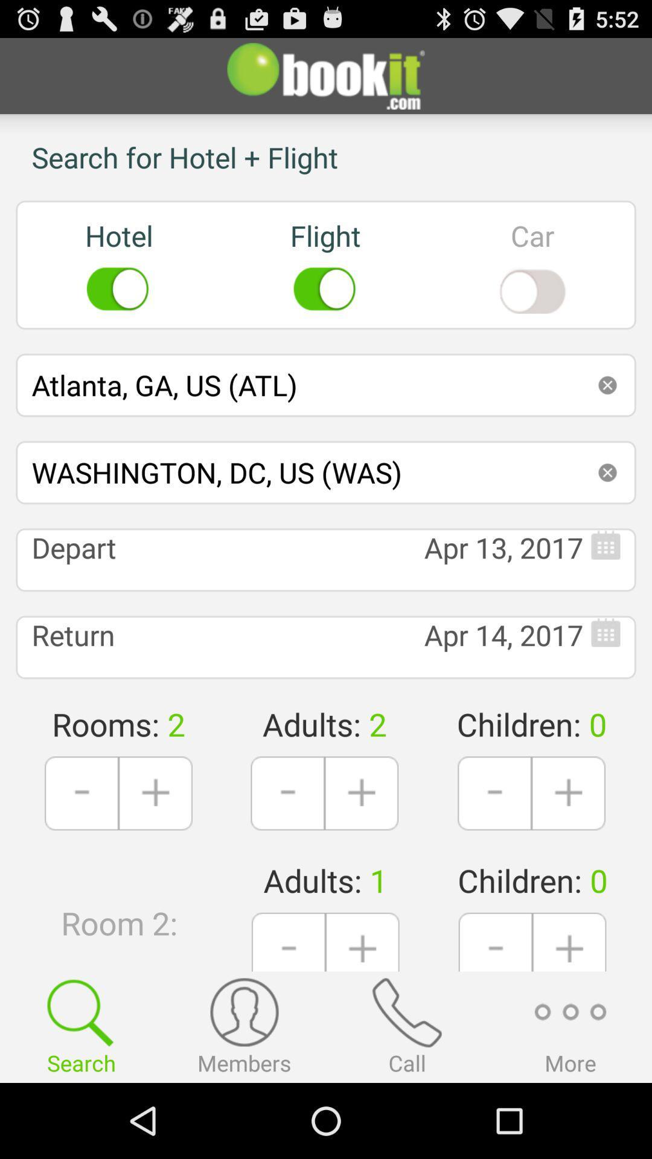  Describe the element at coordinates (289, 1008) in the screenshot. I see `the minus icon` at that location.